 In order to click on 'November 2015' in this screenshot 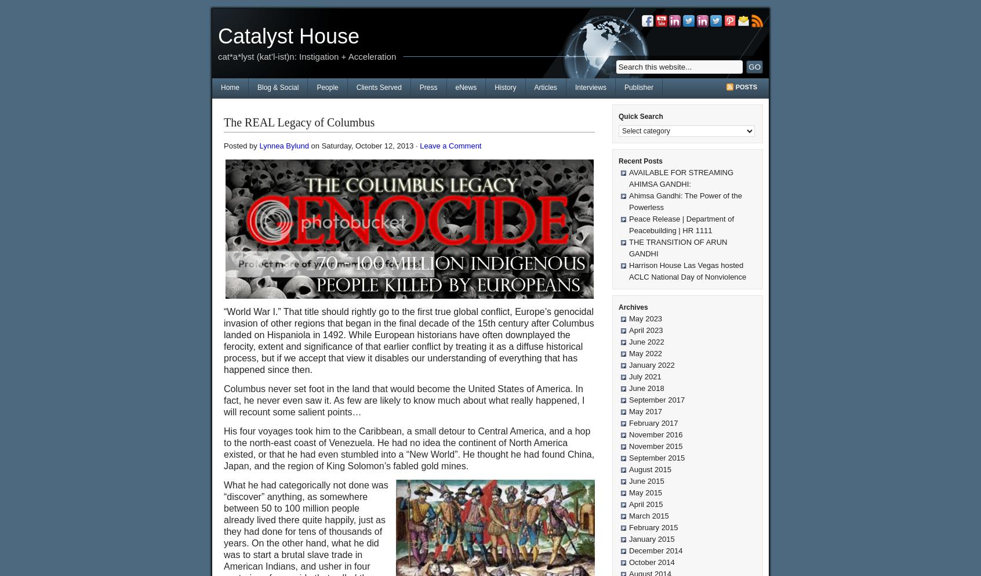, I will do `click(655, 445)`.